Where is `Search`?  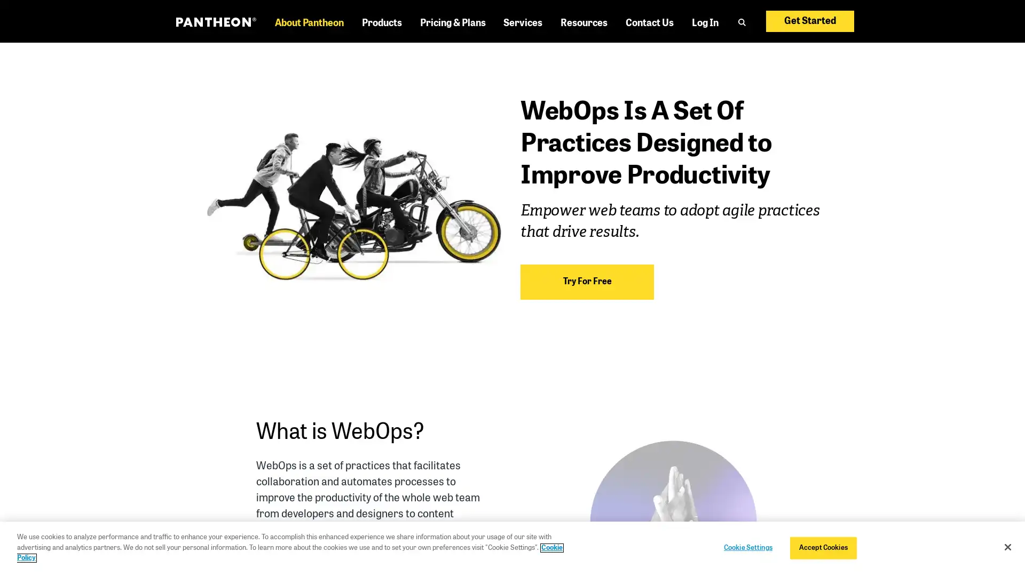 Search is located at coordinates (747, 41).